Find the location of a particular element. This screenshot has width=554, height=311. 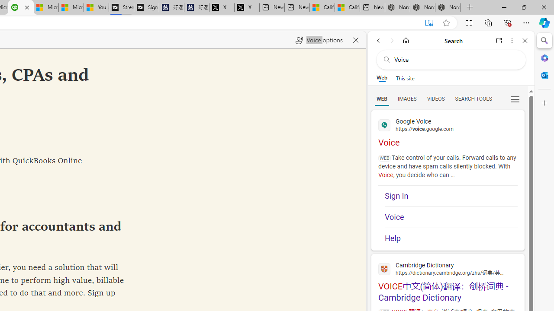

'Streaming Coverage | T3' is located at coordinates (121, 7).